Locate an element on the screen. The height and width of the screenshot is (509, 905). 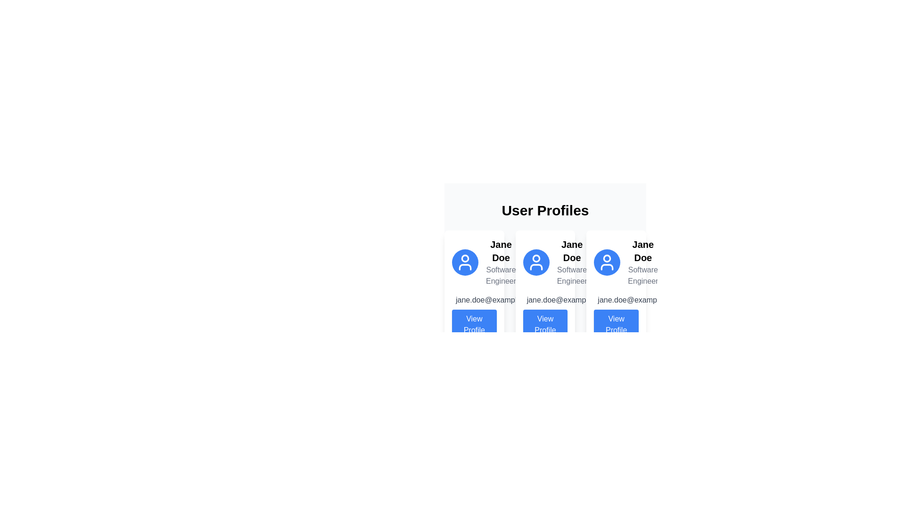
the text 'jane.doe@example.com' for copying, which is displayed in gray under the profile card of Jane Doe, the Software Engineer is located at coordinates (567, 300).